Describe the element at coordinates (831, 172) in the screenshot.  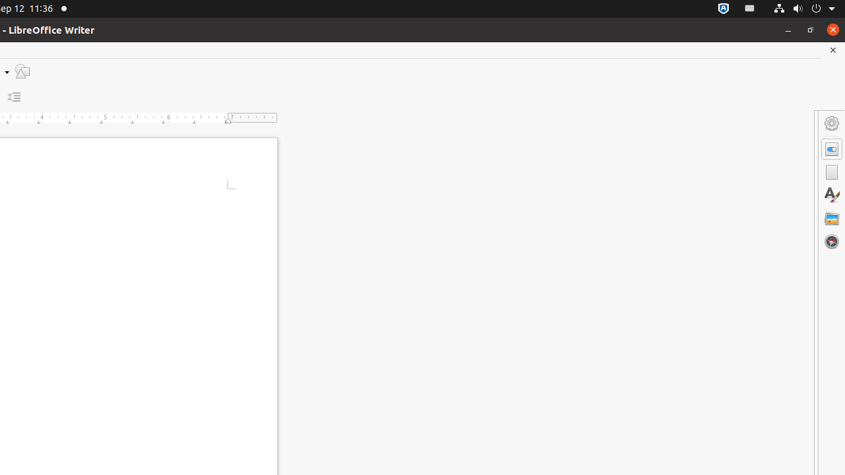
I see `'Page'` at that location.